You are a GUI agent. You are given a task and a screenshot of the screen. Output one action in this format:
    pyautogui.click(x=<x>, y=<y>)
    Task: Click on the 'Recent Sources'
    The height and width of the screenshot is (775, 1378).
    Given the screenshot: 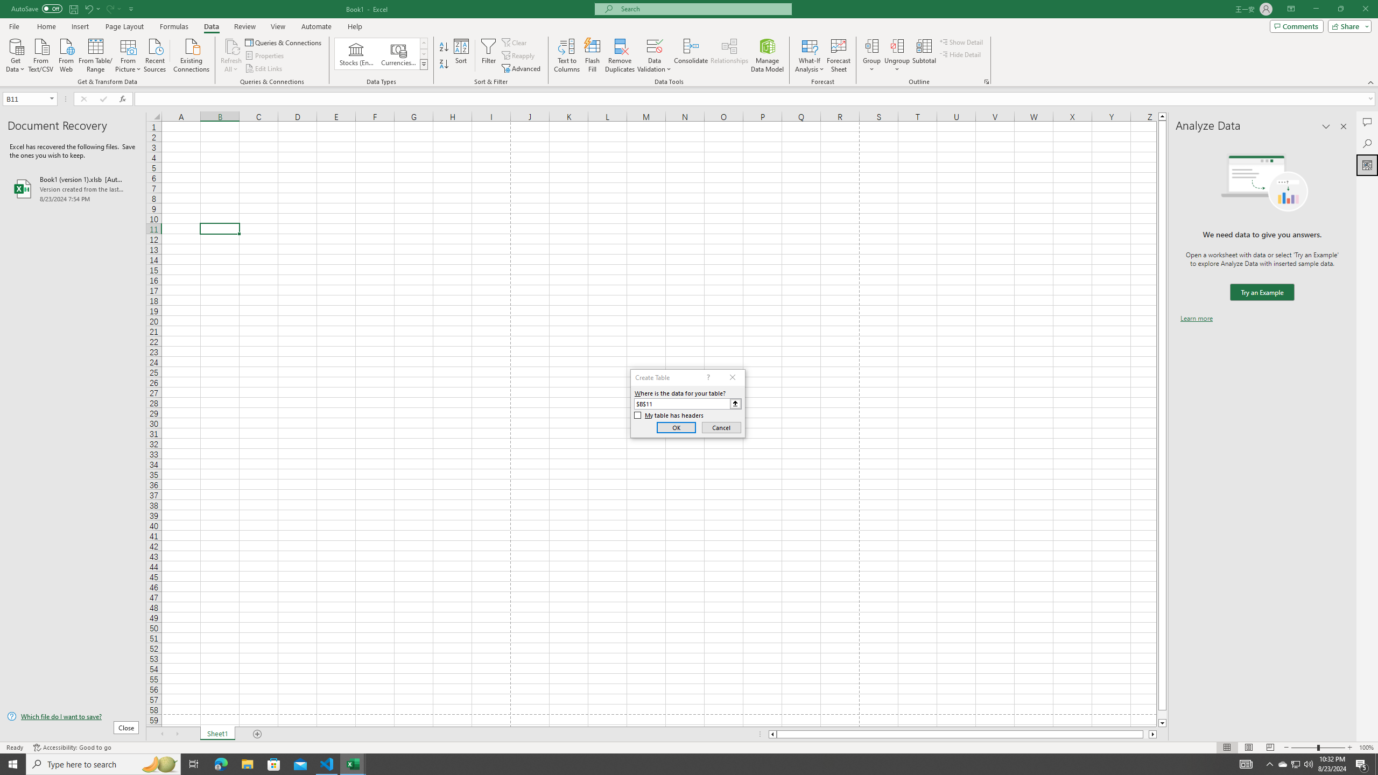 What is the action you would take?
    pyautogui.click(x=155, y=54)
    